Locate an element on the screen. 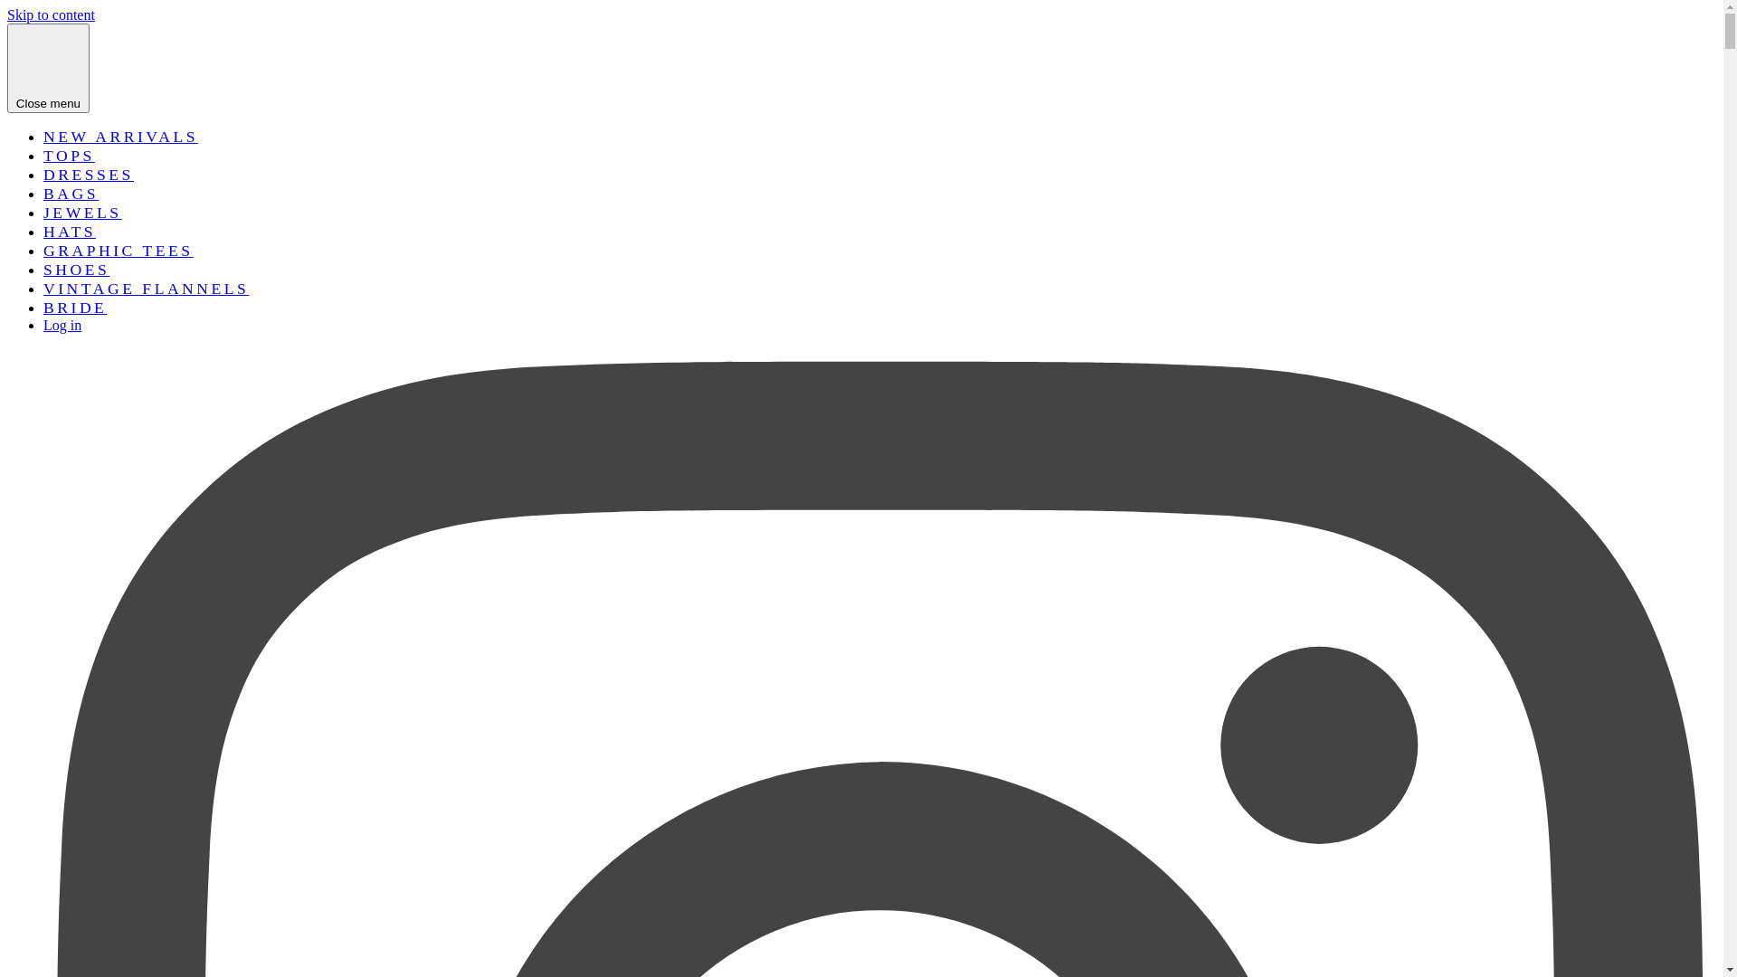  'TOPS' is located at coordinates (43, 155).